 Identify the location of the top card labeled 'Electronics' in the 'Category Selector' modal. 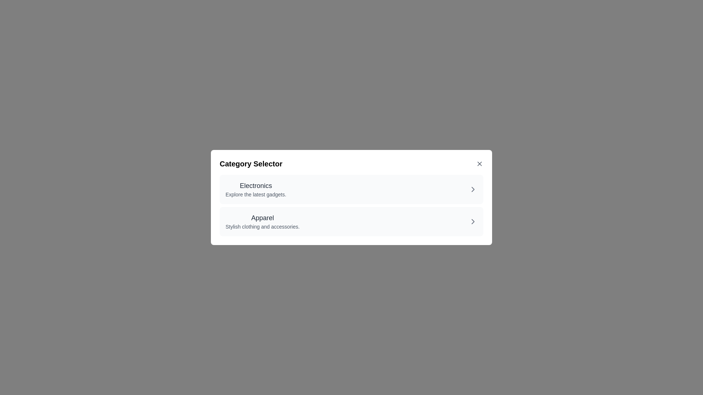
(351, 189).